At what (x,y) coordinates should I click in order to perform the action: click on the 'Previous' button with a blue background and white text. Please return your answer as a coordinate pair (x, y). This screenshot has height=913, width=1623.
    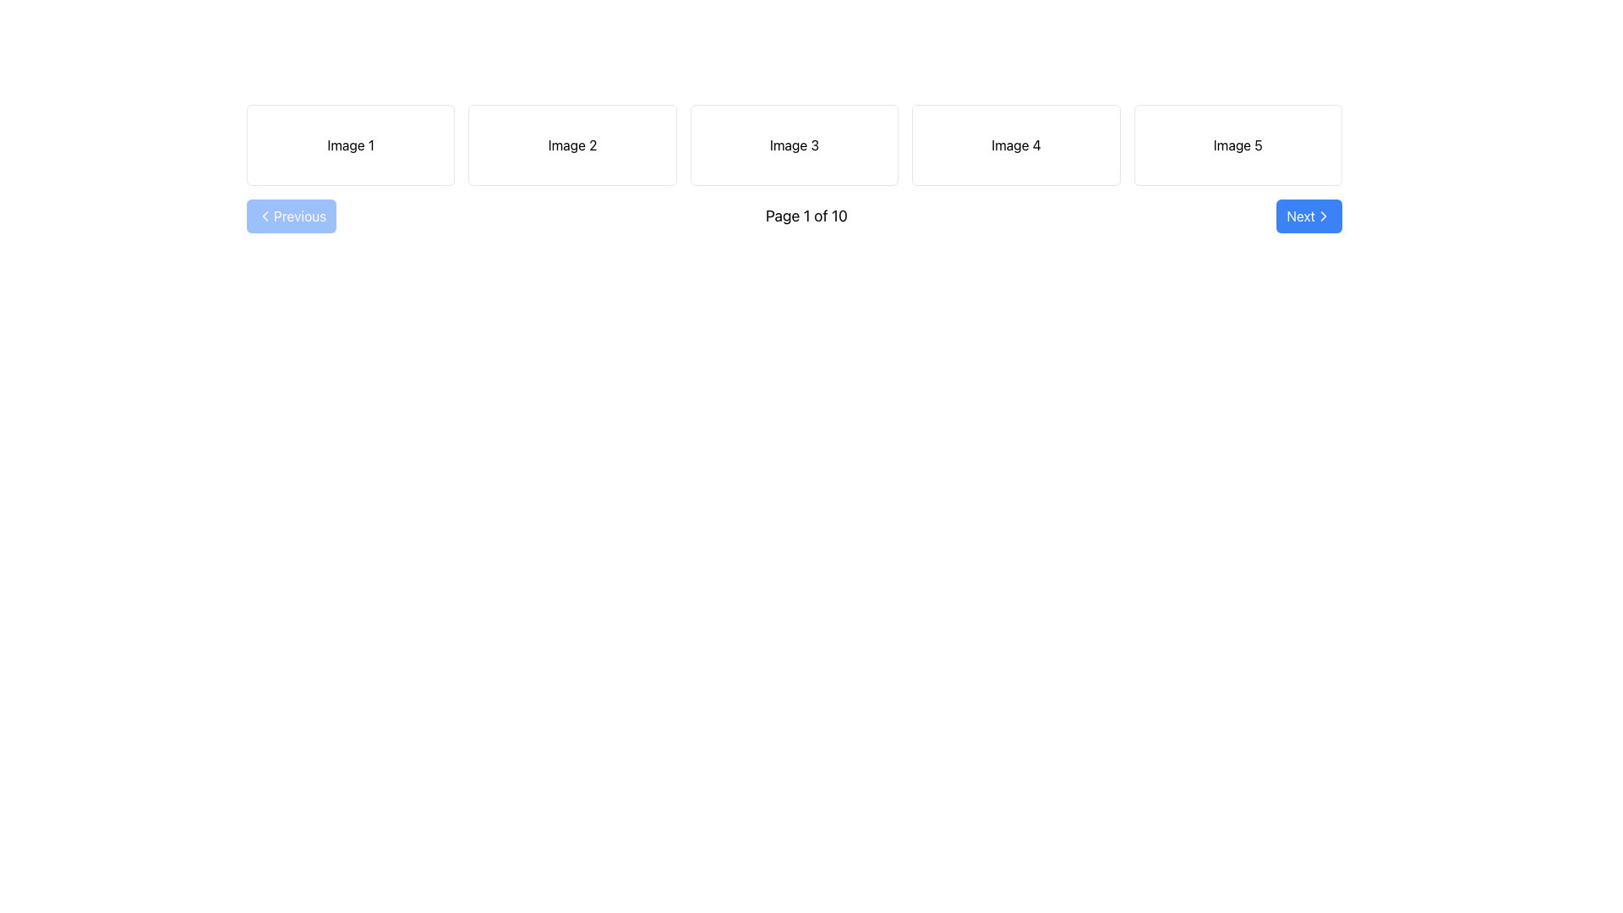
    Looking at the image, I should click on (292, 215).